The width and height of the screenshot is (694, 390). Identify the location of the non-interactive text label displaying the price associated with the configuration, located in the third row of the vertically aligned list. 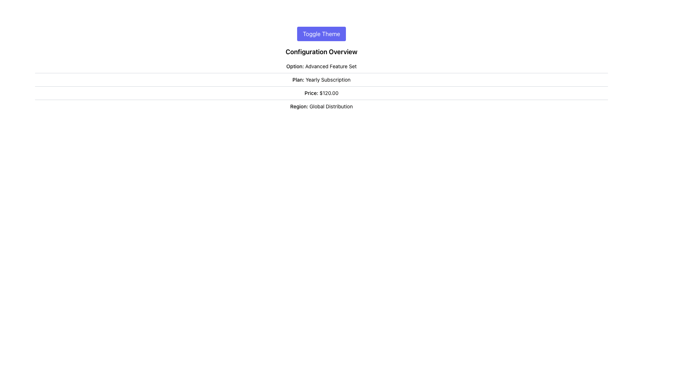
(321, 92).